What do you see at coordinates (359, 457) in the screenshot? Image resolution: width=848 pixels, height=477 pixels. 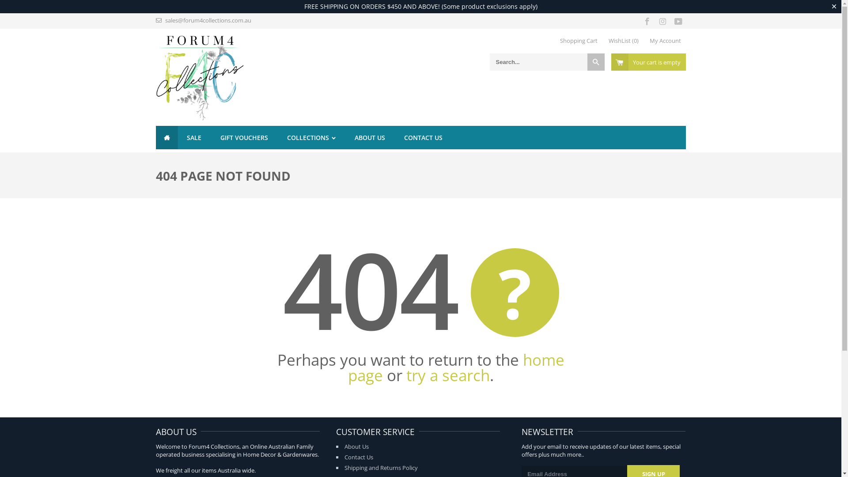 I see `'Contact Us'` at bounding box center [359, 457].